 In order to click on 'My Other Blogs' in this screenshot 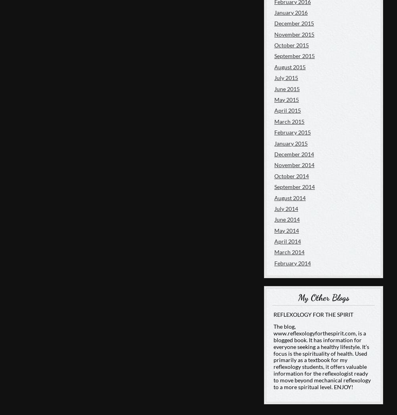, I will do `click(323, 297)`.